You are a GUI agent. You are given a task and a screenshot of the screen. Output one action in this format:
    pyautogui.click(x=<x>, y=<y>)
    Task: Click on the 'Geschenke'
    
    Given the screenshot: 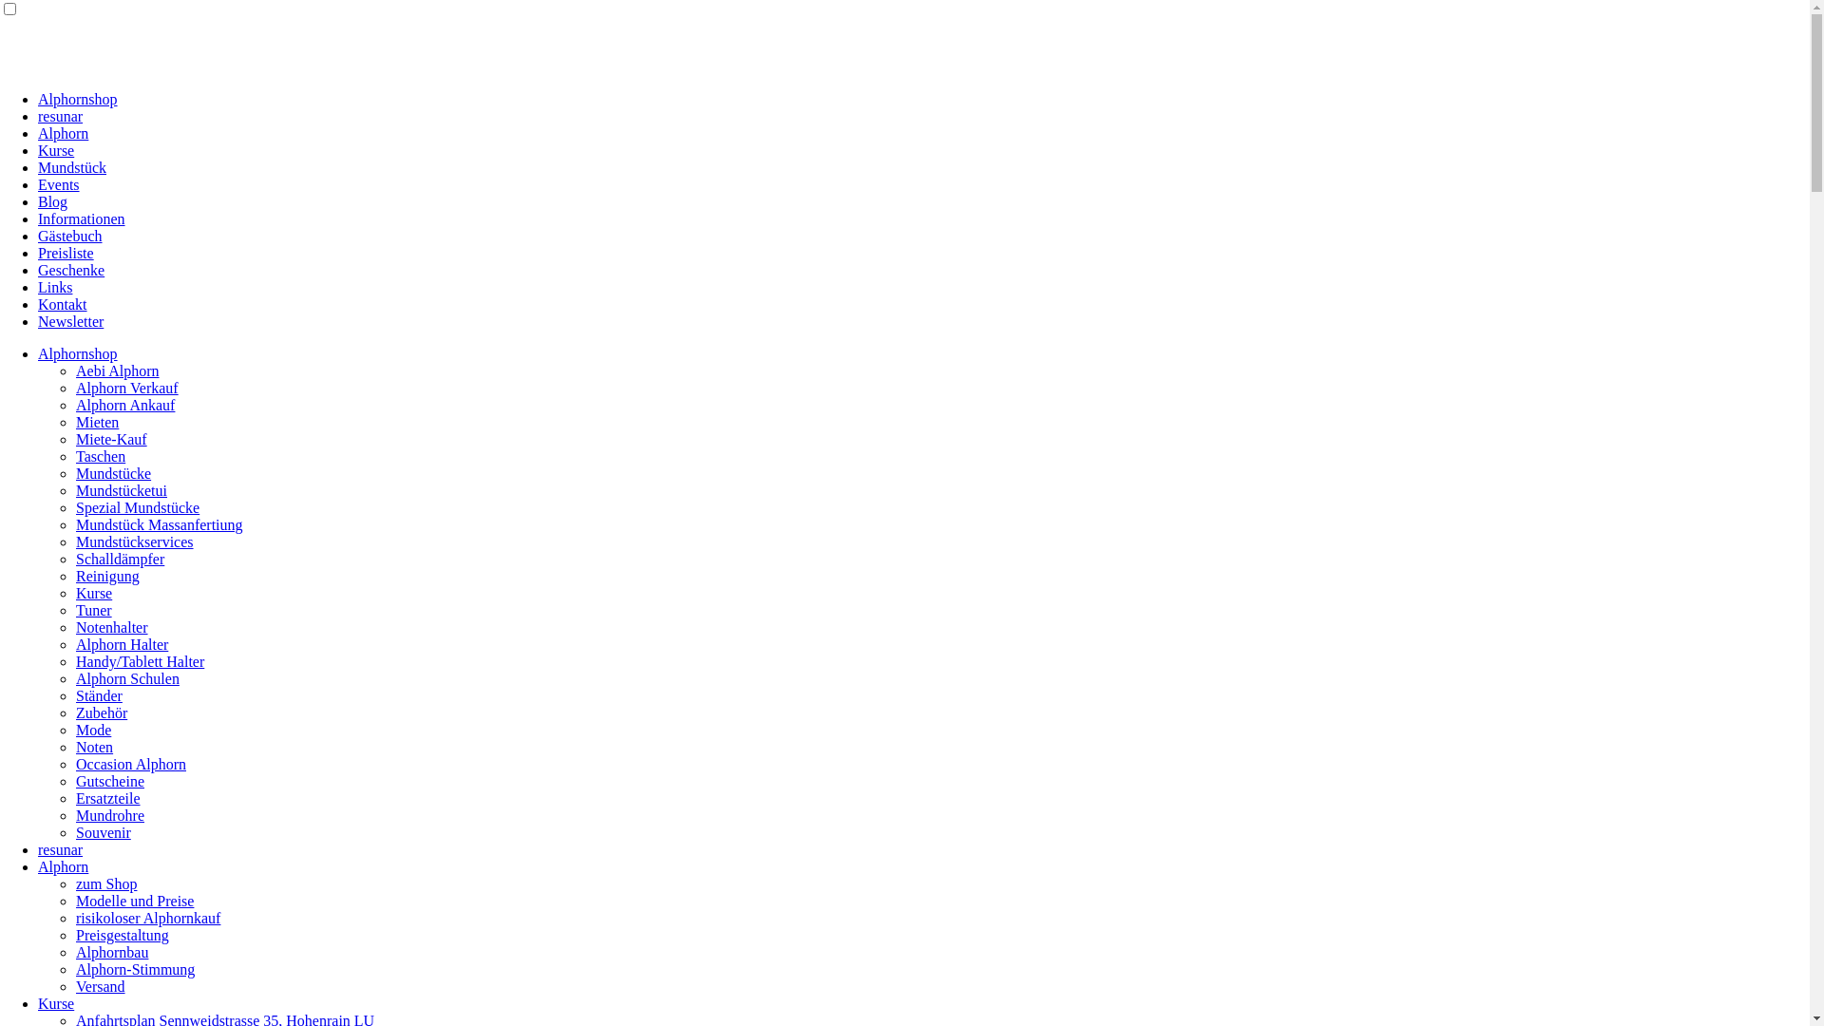 What is the action you would take?
    pyautogui.click(x=71, y=270)
    